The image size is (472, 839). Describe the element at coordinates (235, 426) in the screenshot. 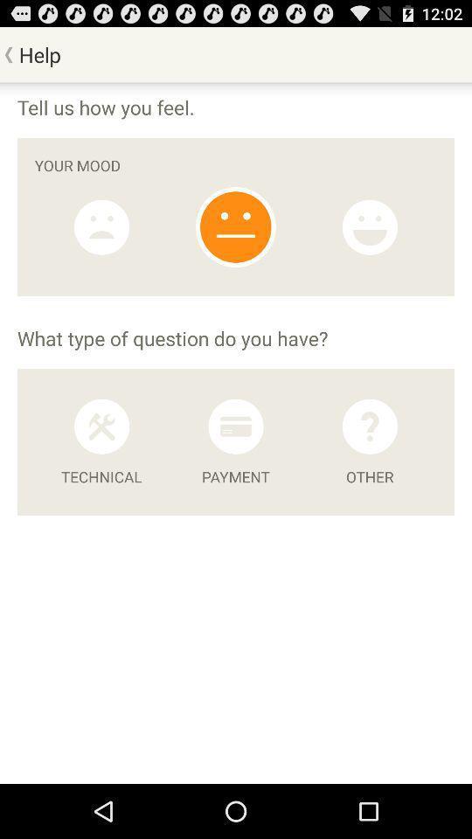

I see `payment option` at that location.